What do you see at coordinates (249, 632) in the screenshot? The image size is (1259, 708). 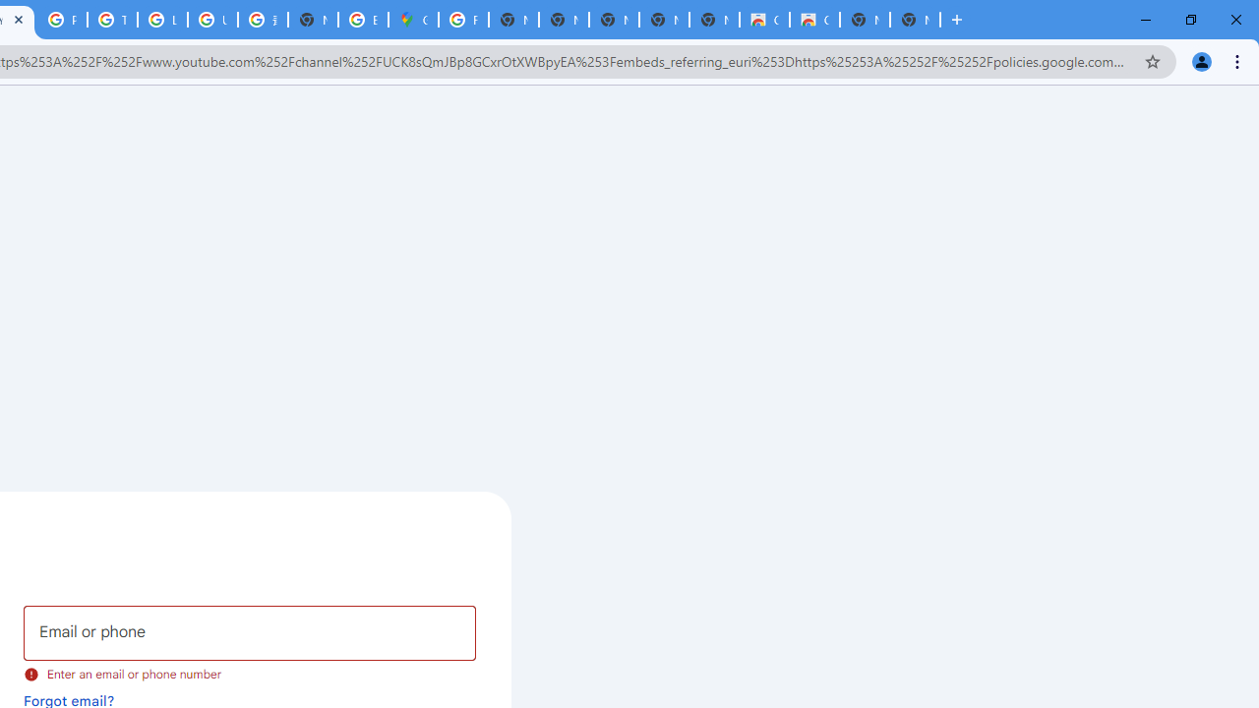 I see `'Email or phone'` at bounding box center [249, 632].